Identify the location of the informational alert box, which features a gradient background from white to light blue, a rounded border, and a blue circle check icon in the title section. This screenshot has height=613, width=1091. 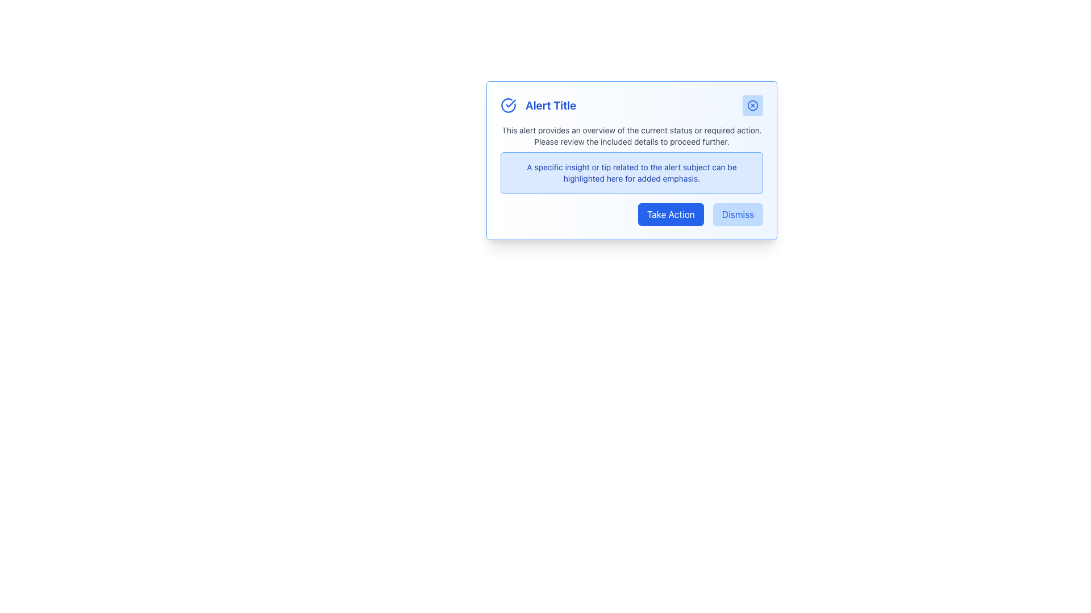
(631, 160).